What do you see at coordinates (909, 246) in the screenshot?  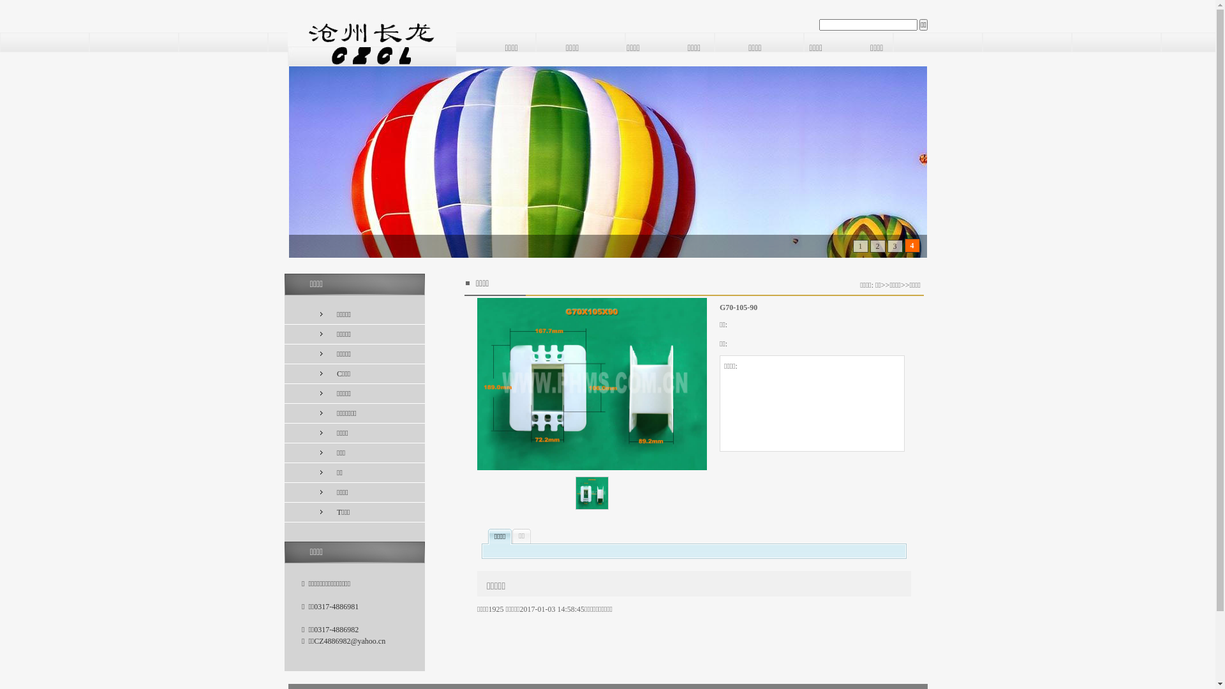 I see `'4'` at bounding box center [909, 246].